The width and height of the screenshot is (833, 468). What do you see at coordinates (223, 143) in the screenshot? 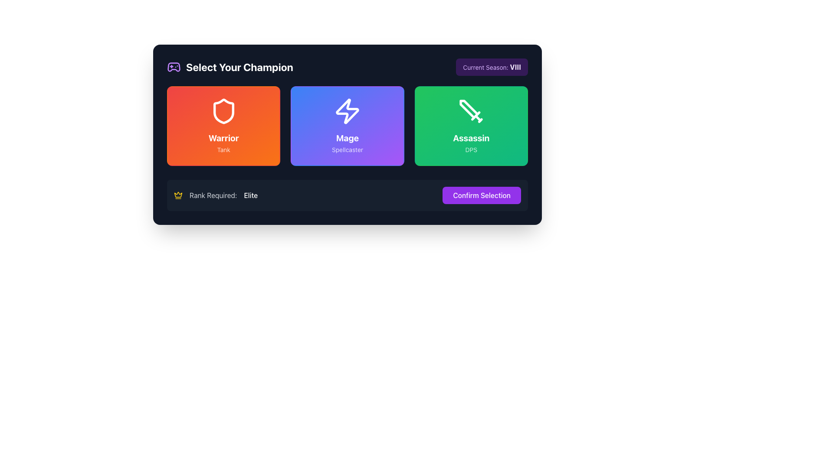
I see `the text block describing the 'Warrior' class and its role 'Tank'` at bounding box center [223, 143].